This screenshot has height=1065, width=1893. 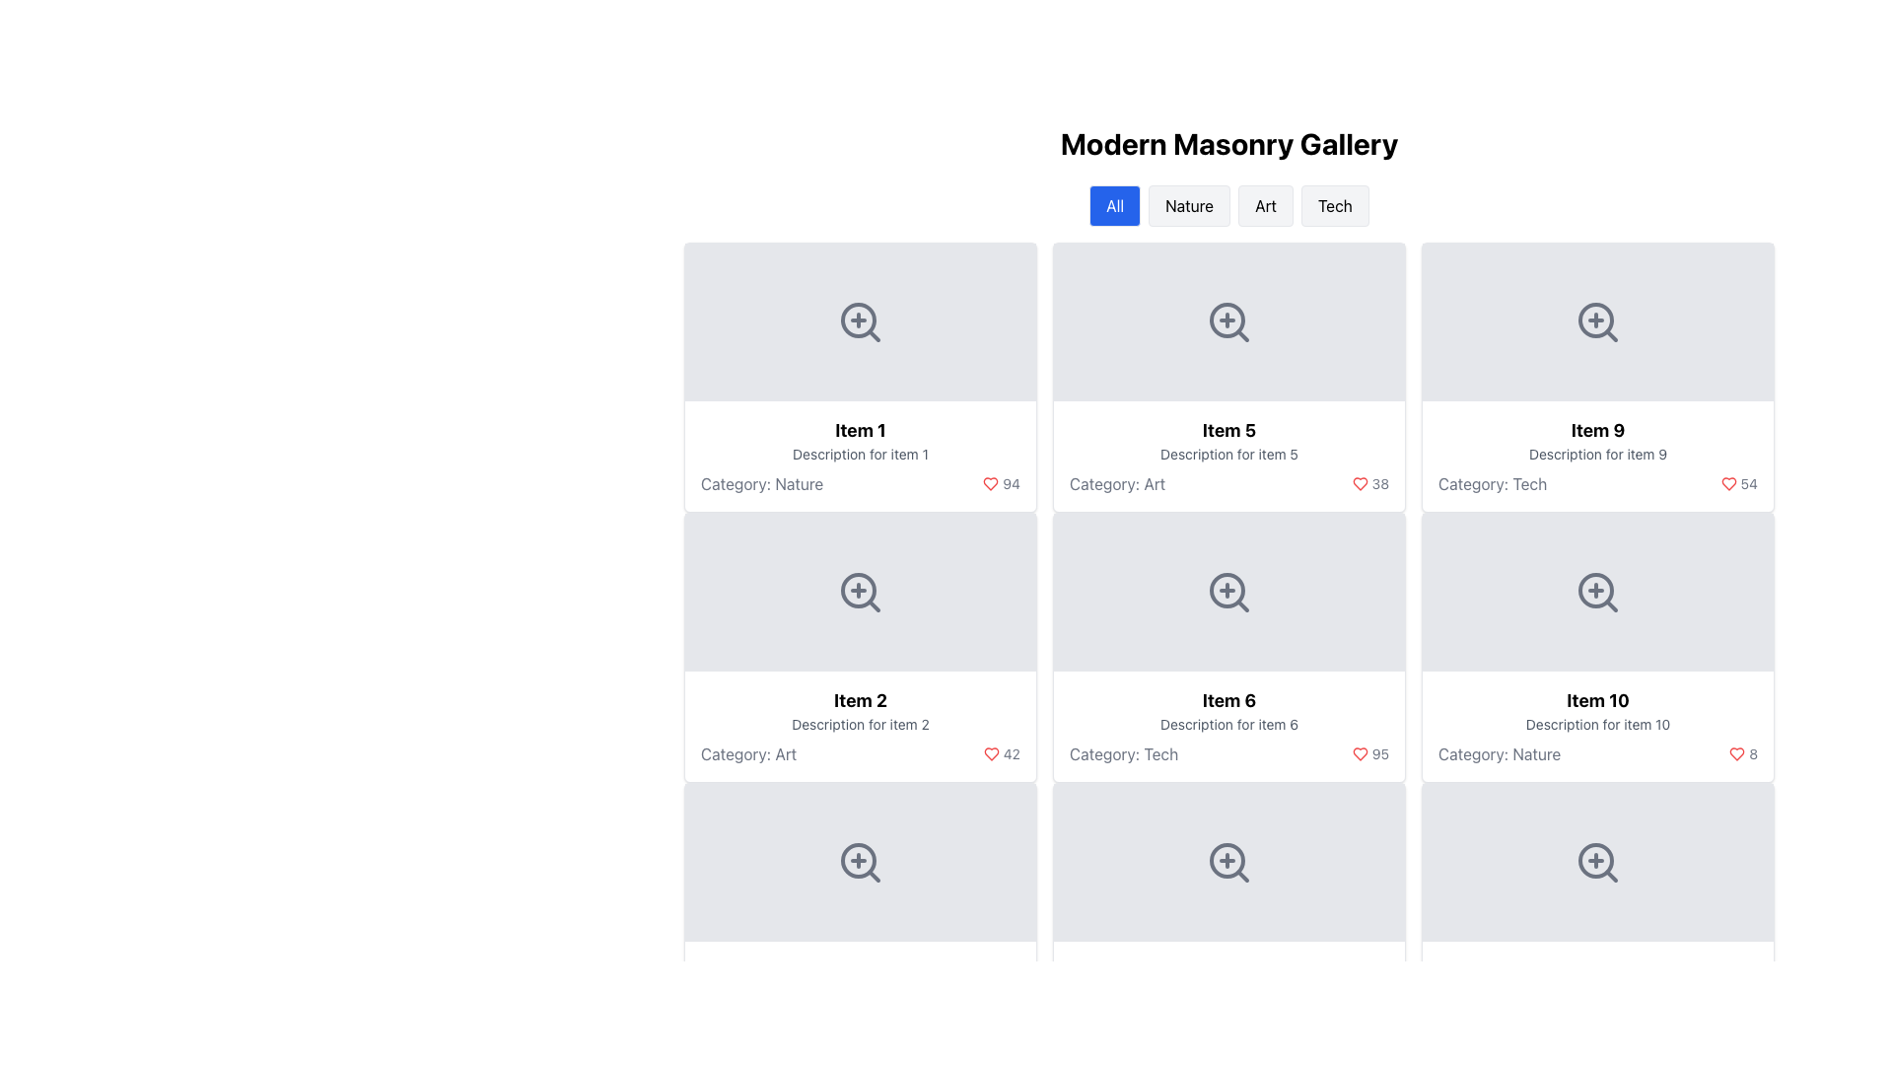 What do you see at coordinates (747, 753) in the screenshot?
I see `the static text label that displays the category of the item located at the lower part of the card titled 'Item 2', positioned below the item's title and description` at bounding box center [747, 753].